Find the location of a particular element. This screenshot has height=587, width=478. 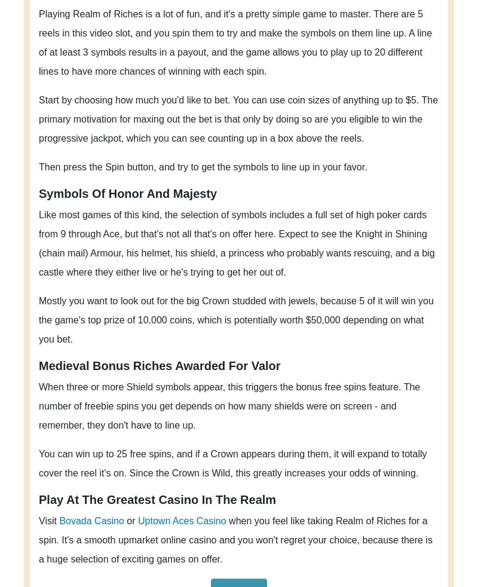

'Cafe Casino' is located at coordinates (344, 115).